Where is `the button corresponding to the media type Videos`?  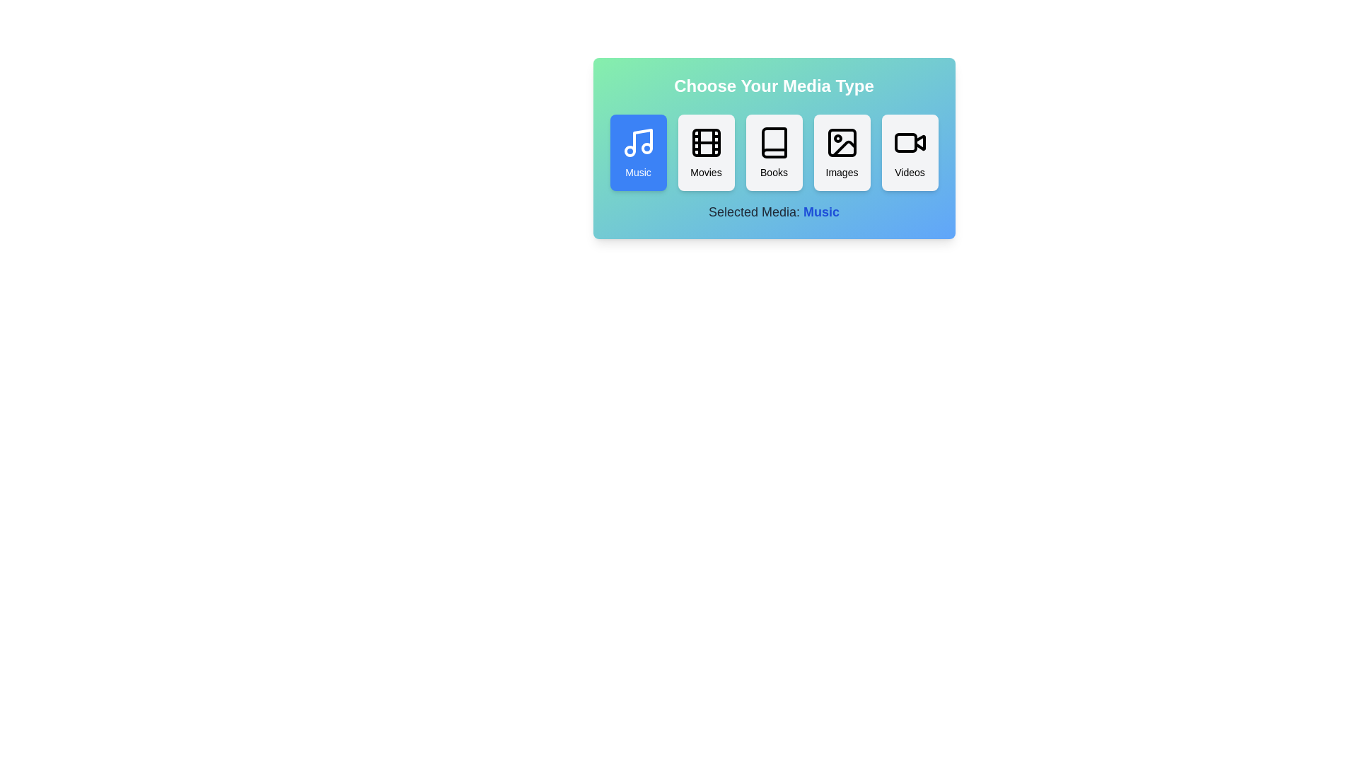
the button corresponding to the media type Videos is located at coordinates (910, 153).